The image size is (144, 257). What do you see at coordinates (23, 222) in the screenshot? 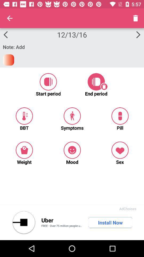
I see `go back` at bounding box center [23, 222].